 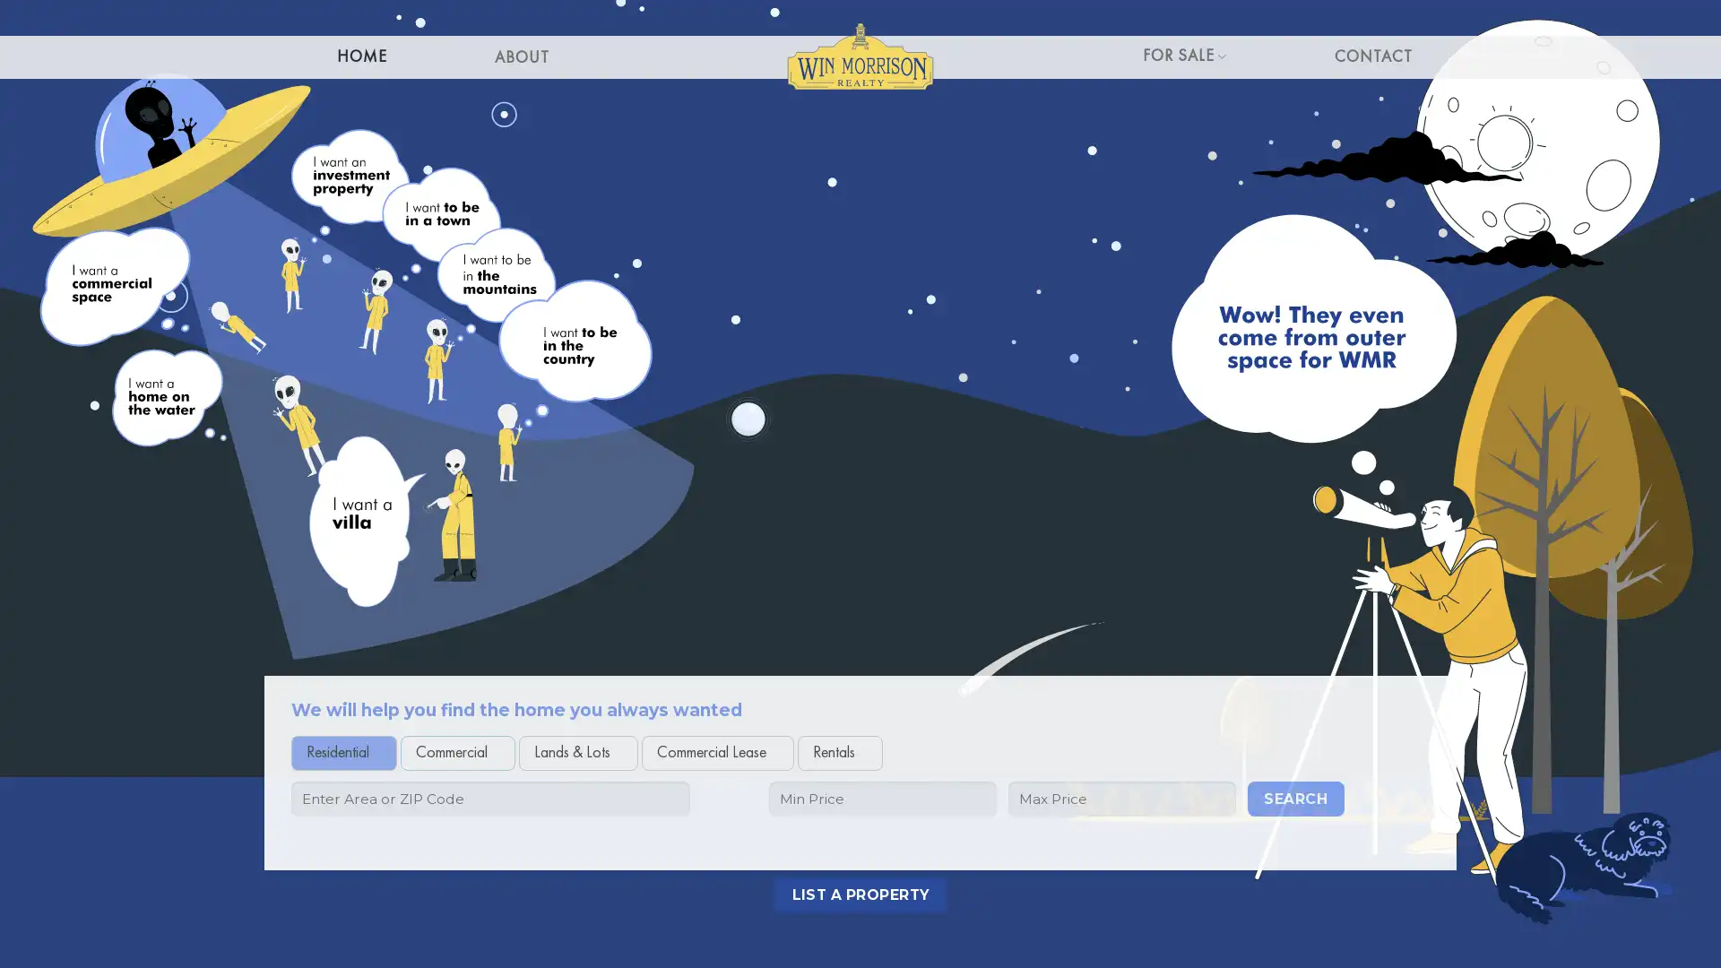 I want to click on Search, so click(x=1294, y=798).